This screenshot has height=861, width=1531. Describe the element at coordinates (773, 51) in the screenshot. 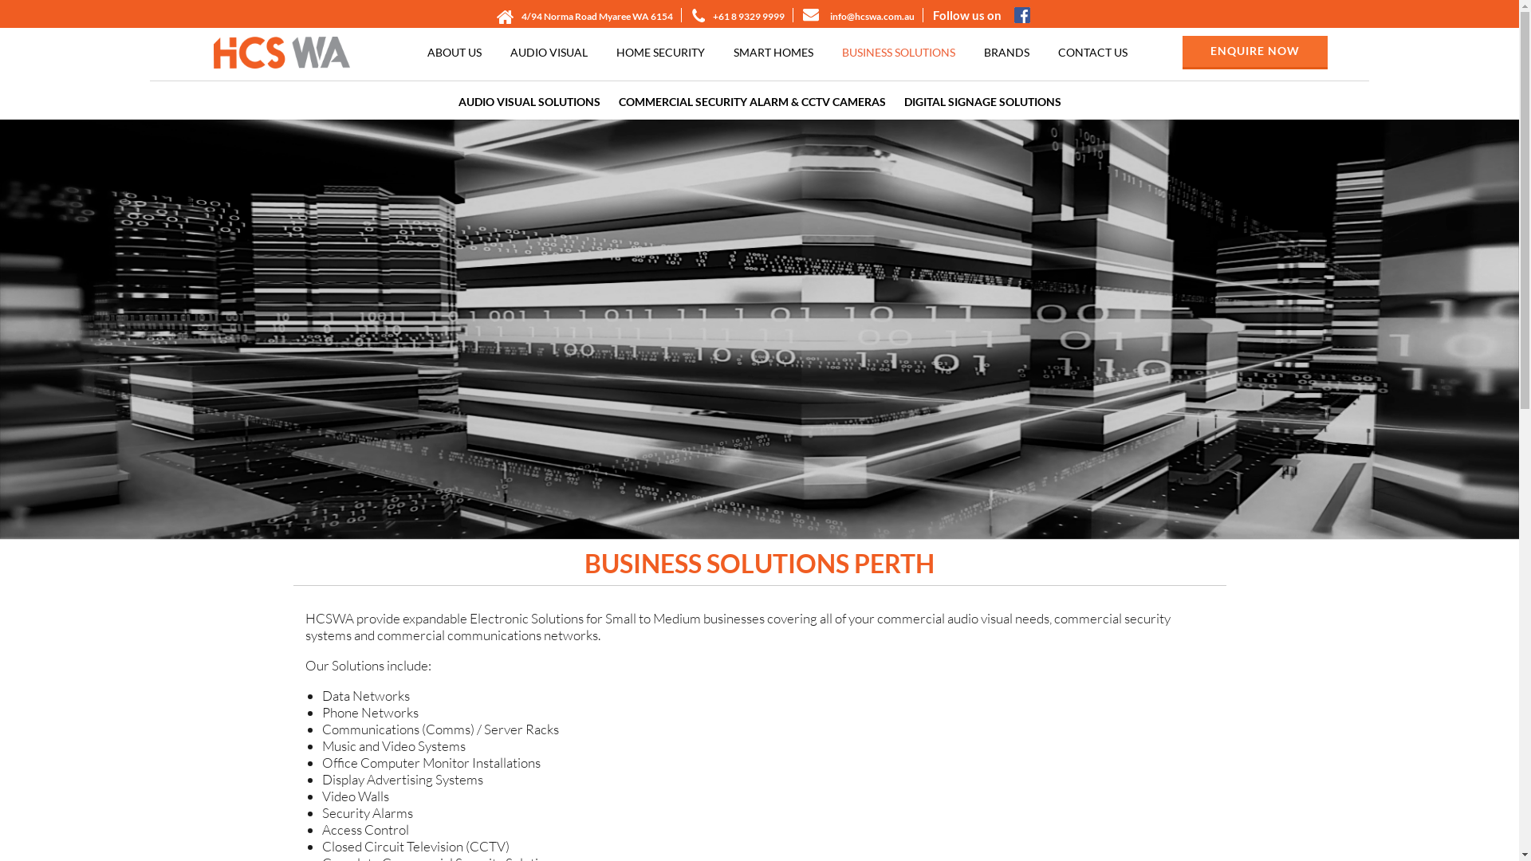

I see `'SMART HOMES'` at that location.